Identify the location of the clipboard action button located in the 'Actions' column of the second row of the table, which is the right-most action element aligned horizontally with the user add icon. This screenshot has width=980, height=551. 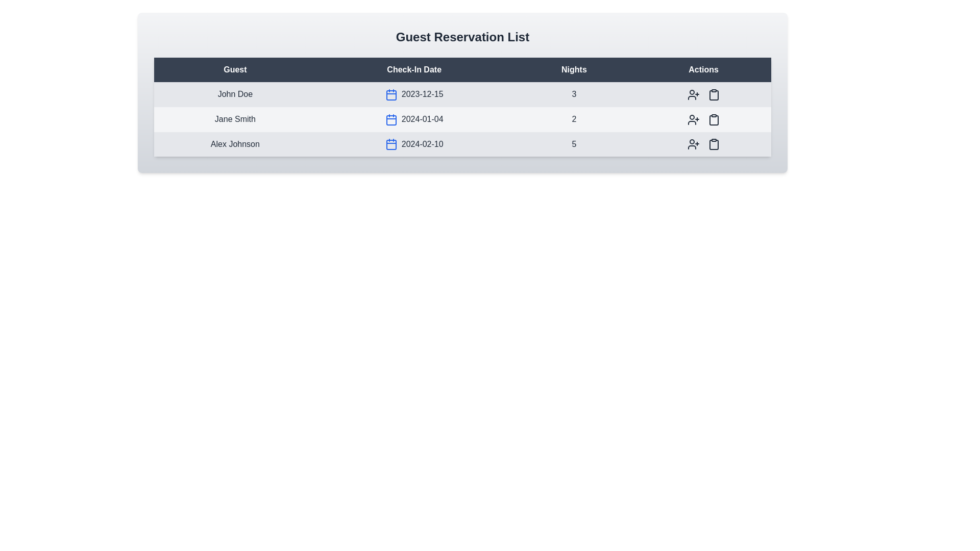
(713, 94).